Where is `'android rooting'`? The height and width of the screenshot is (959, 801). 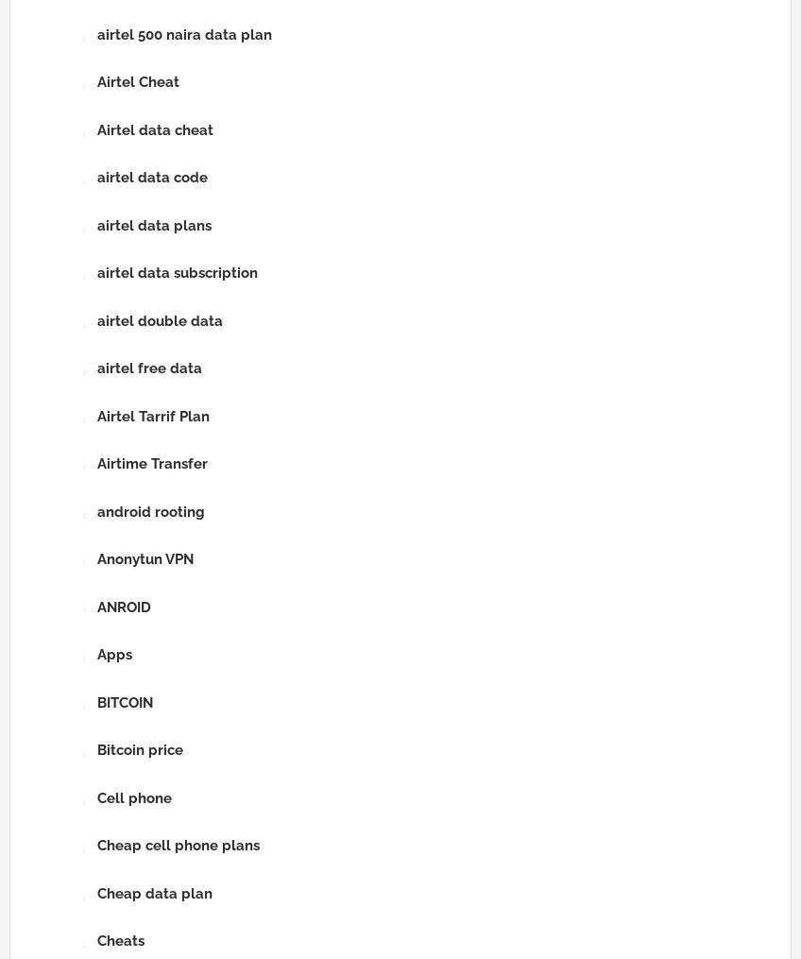
'android rooting' is located at coordinates (97, 510).